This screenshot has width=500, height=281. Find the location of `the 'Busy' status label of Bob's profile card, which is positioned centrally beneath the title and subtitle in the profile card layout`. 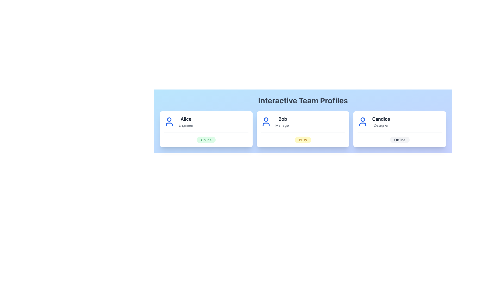

the 'Busy' status label of Bob's profile card, which is positioned centrally beneath the title and subtitle in the profile card layout is located at coordinates (303, 137).